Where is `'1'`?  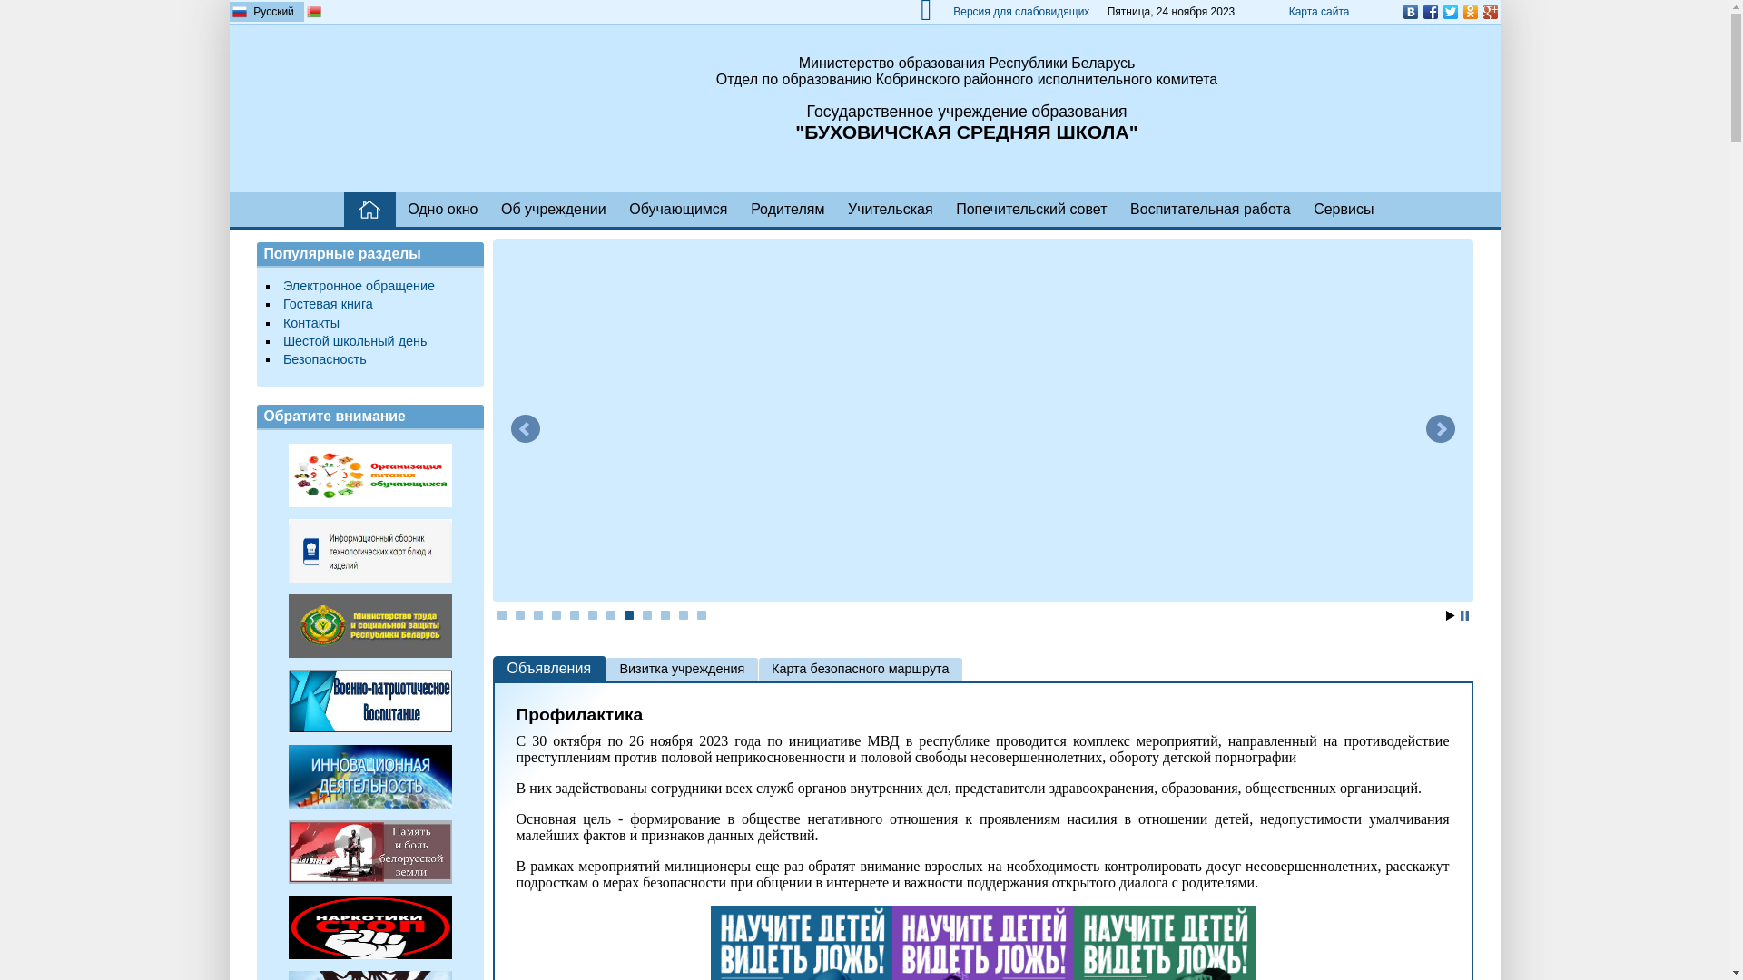
'1' is located at coordinates (501, 614).